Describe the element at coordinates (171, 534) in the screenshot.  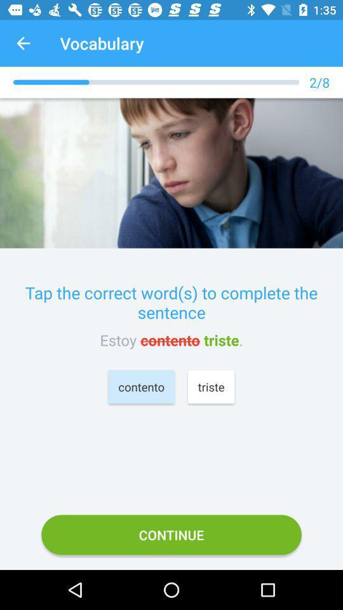
I see `continue icon` at that location.